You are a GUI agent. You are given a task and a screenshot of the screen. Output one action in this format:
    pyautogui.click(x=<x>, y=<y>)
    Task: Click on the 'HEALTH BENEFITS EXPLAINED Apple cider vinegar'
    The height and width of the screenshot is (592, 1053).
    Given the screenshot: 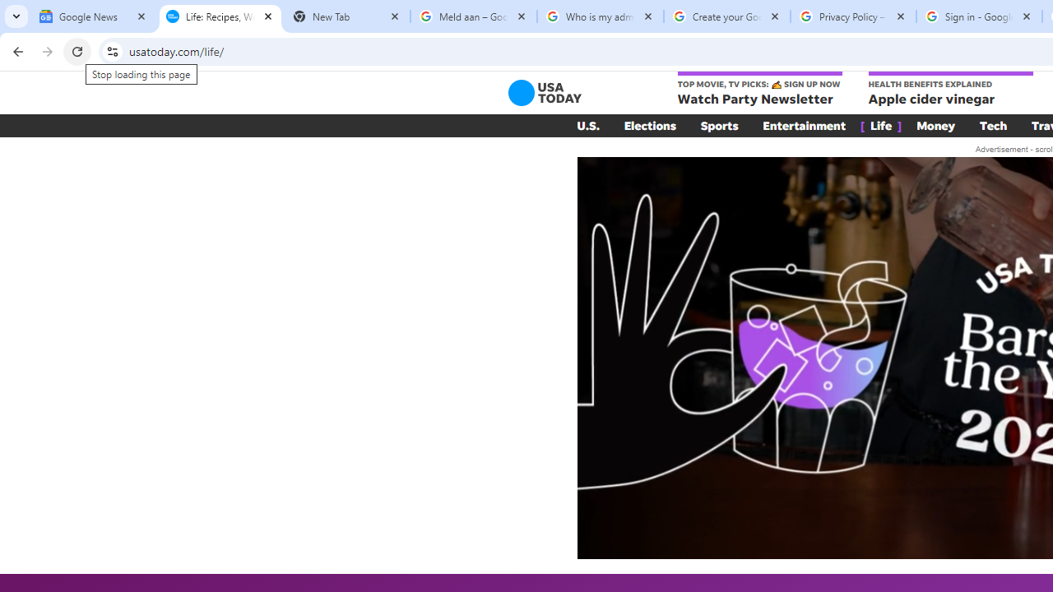 What is the action you would take?
    pyautogui.click(x=950, y=90)
    